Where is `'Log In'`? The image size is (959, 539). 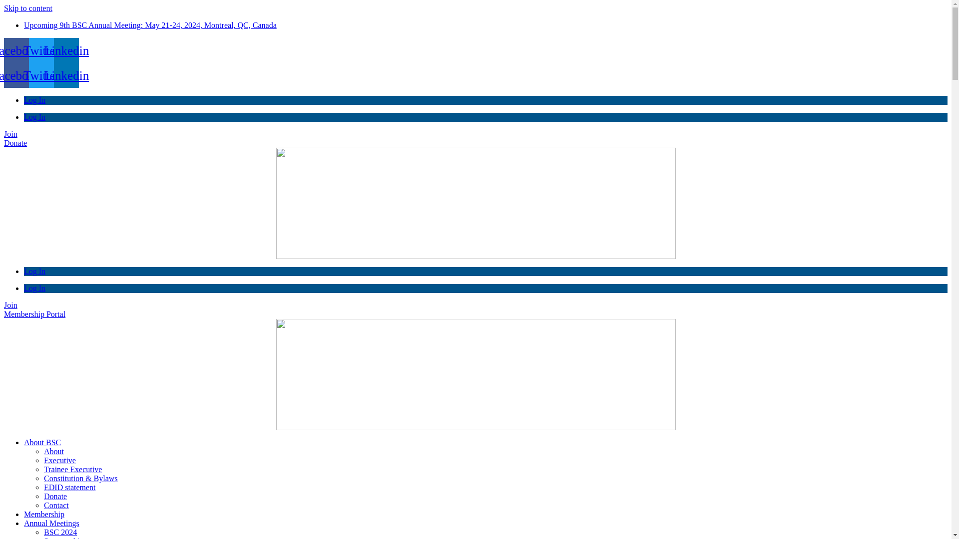 'Log In' is located at coordinates (24, 271).